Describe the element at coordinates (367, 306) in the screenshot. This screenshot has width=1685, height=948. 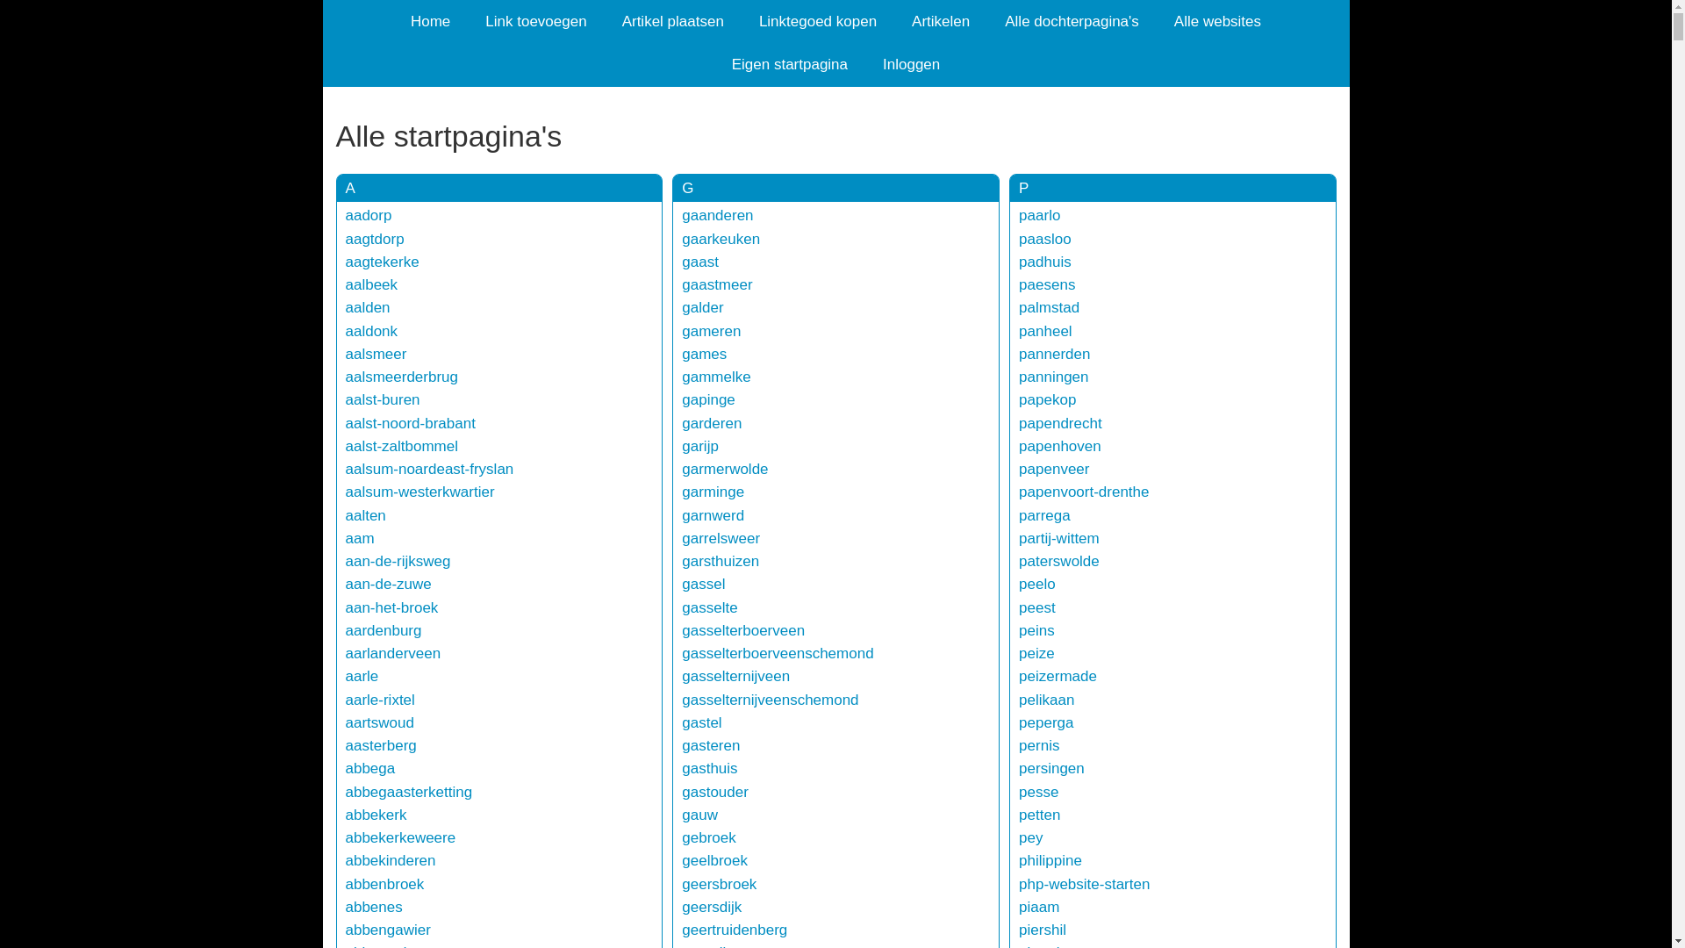
I see `'aalden'` at that location.